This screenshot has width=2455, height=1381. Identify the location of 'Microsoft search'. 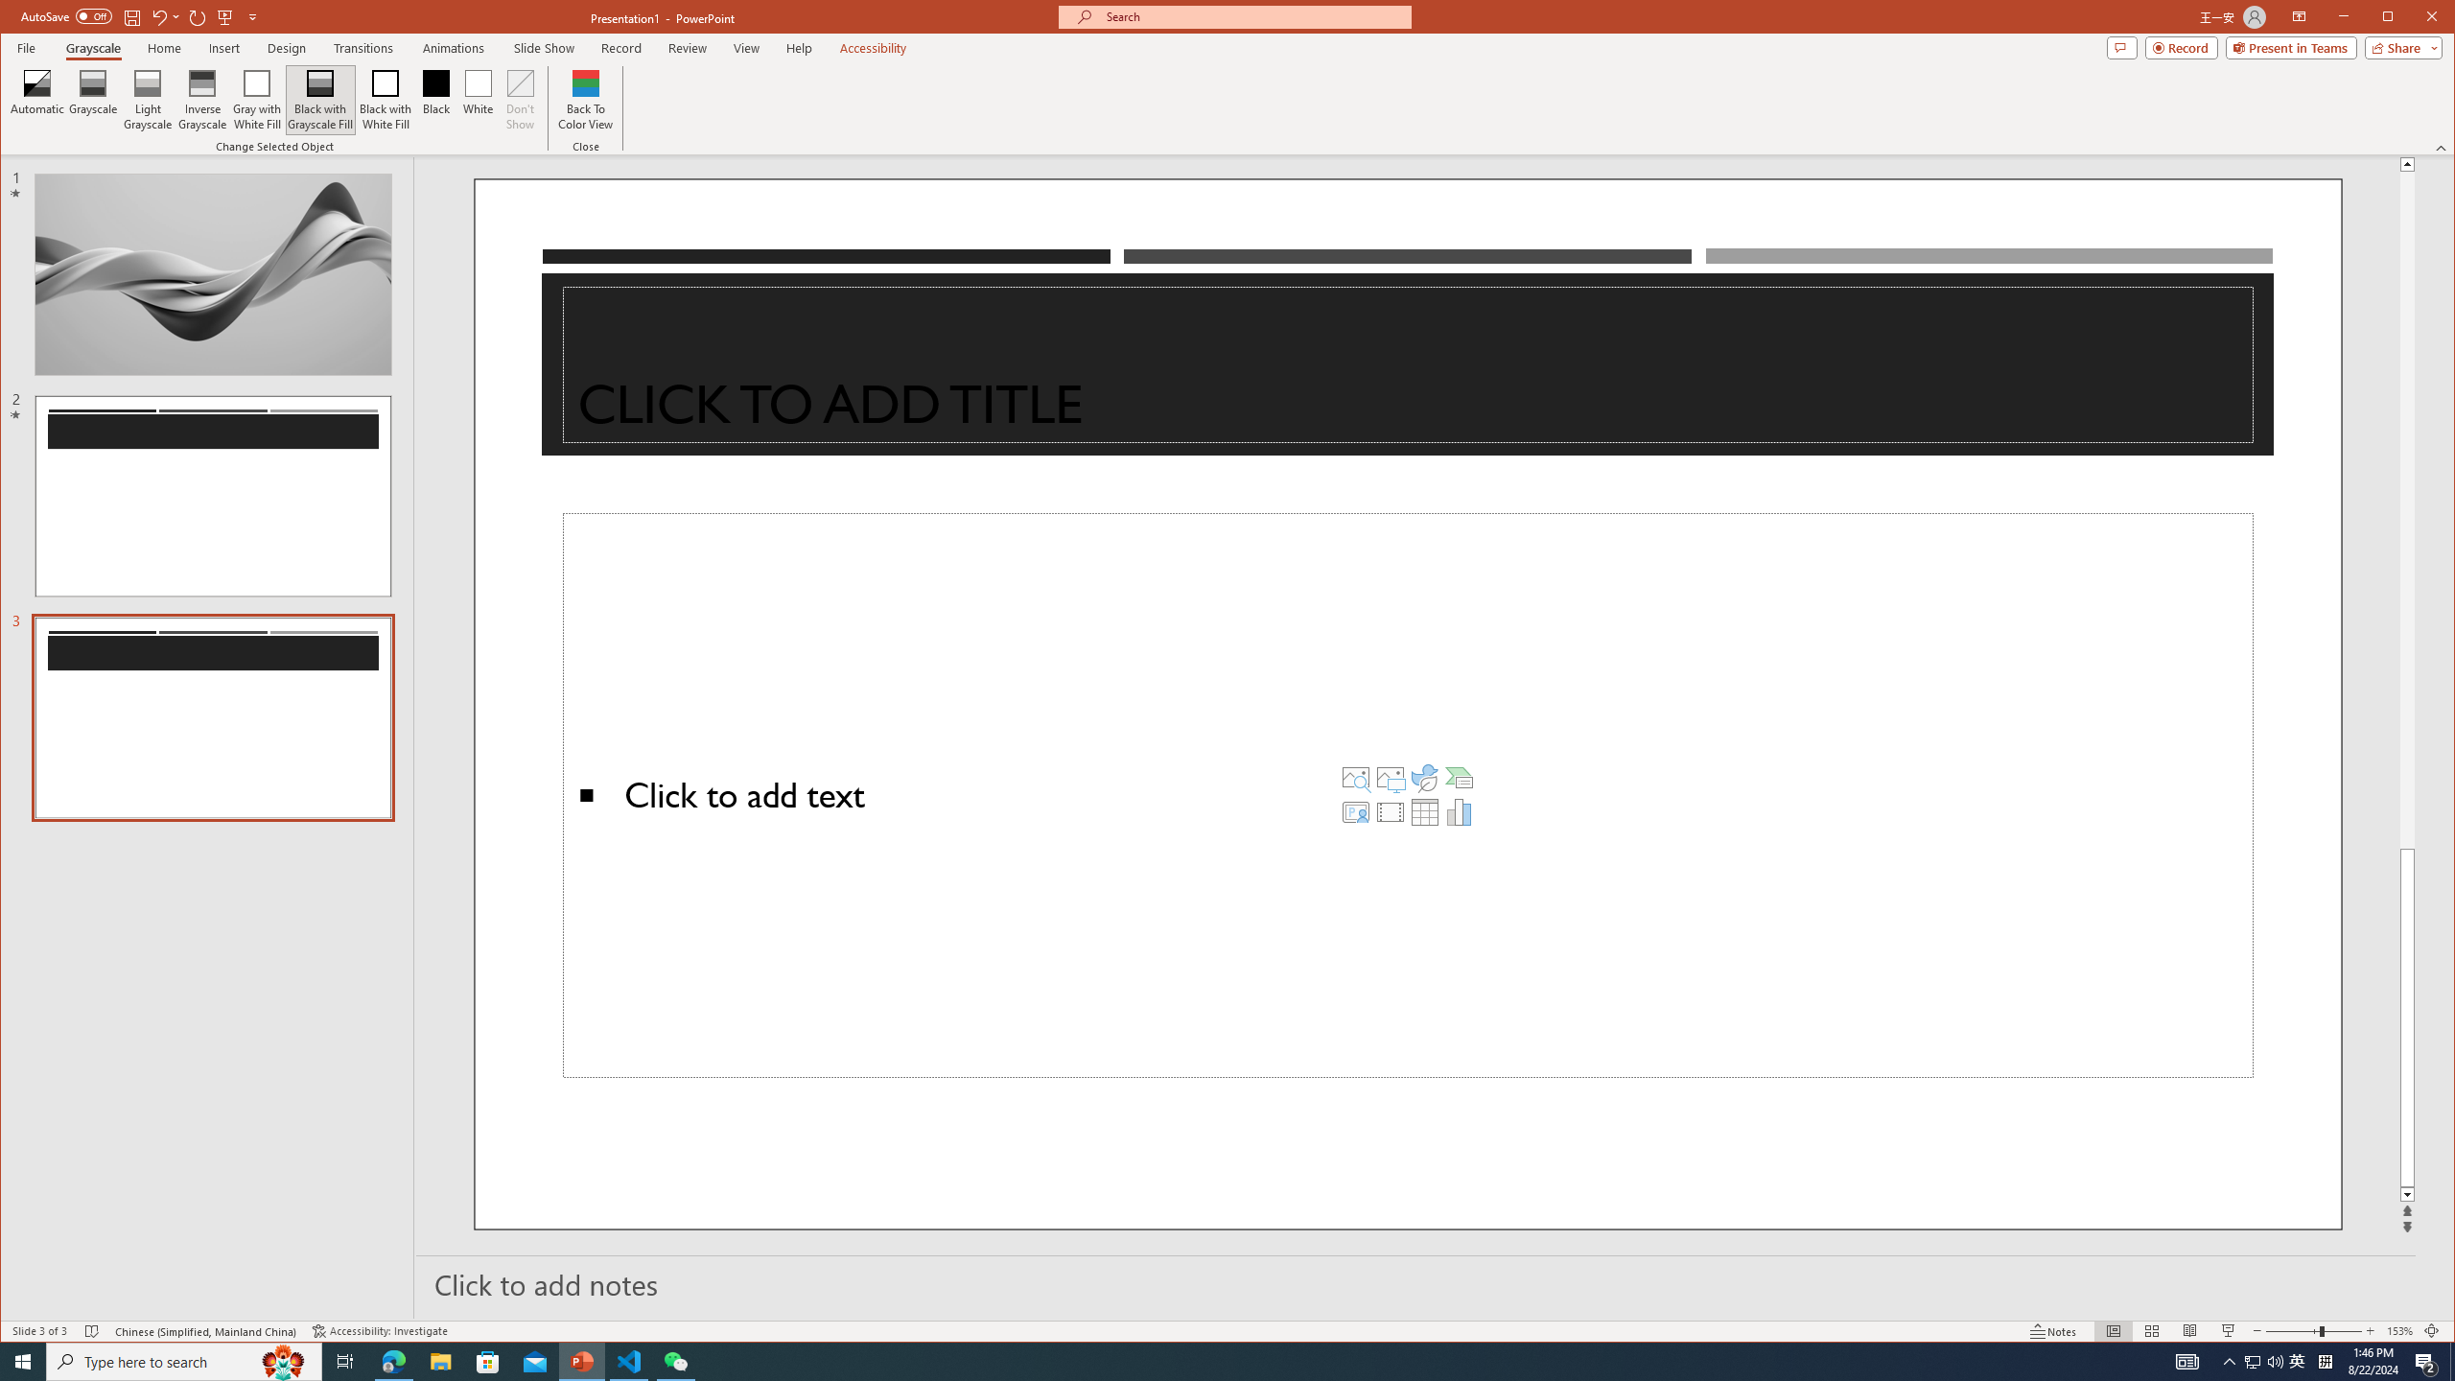
(1251, 17).